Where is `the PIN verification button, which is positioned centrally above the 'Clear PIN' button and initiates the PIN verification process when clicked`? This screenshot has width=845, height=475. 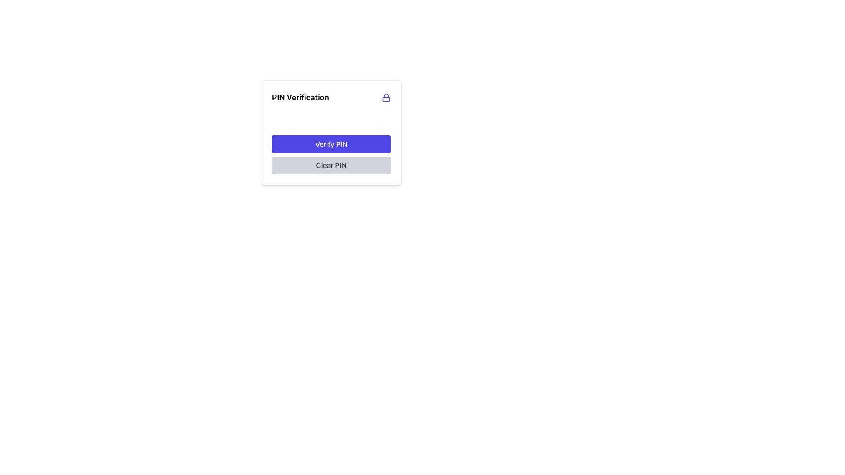
the PIN verification button, which is positioned centrally above the 'Clear PIN' button and initiates the PIN verification process when clicked is located at coordinates (331, 143).